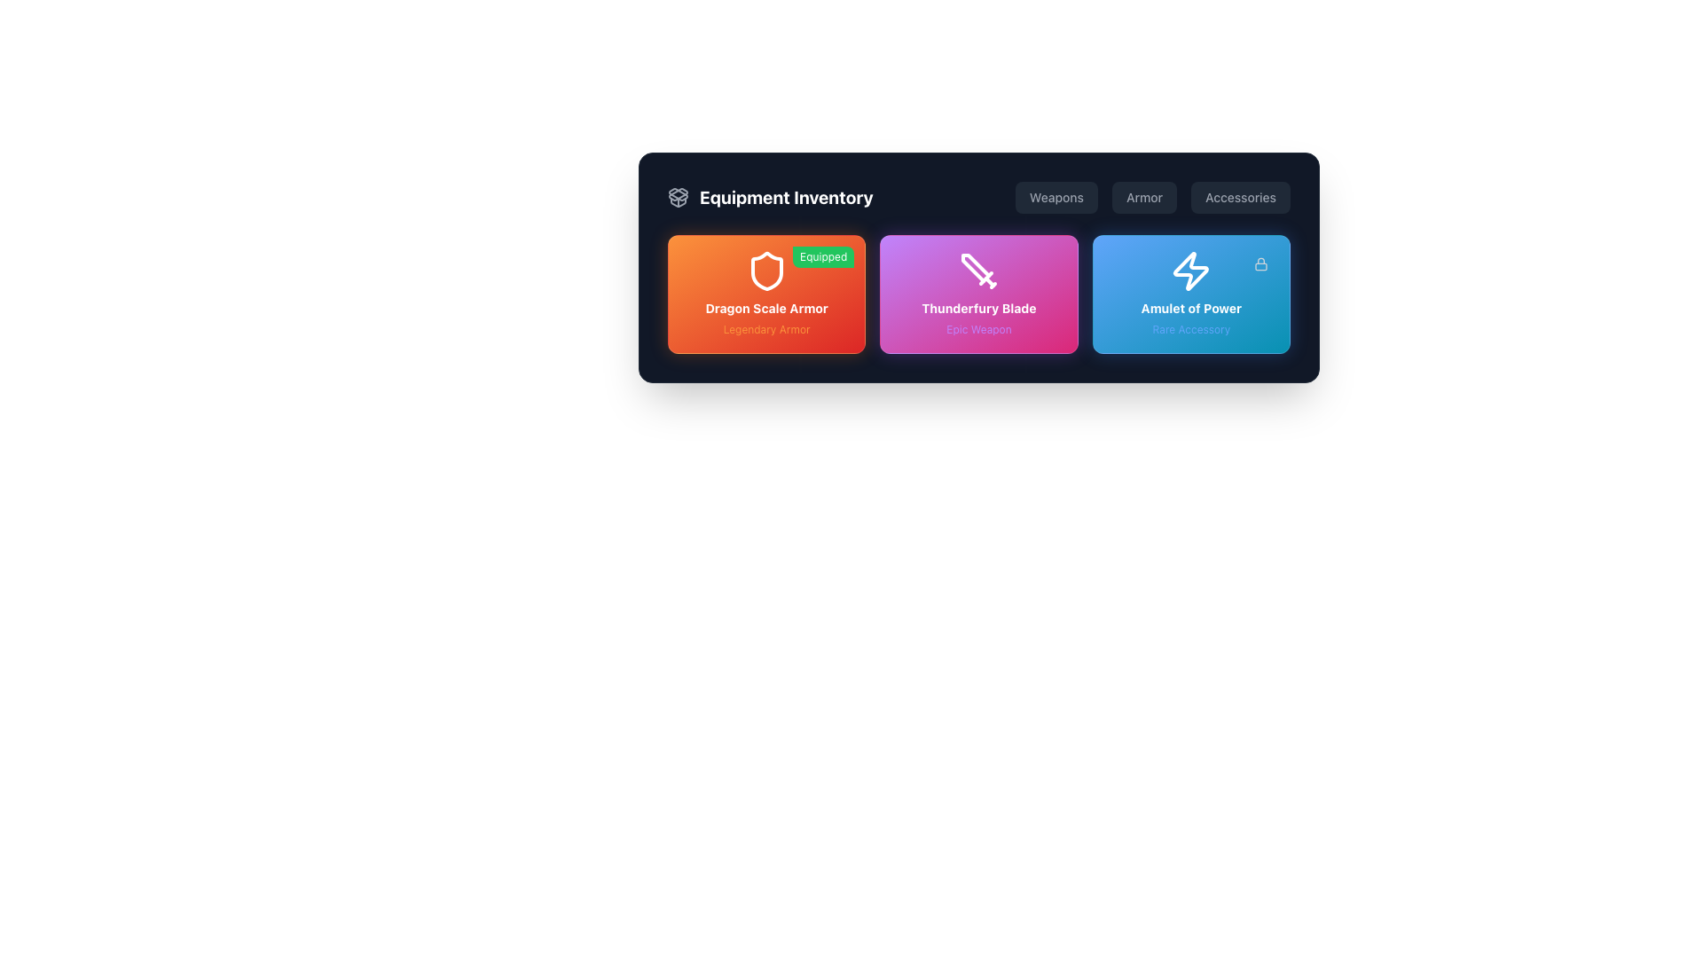 This screenshot has width=1703, height=958. Describe the element at coordinates (766, 293) in the screenshot. I see `the legendary armor information card in the Equipment Inventory, which is the first item in the grid layout` at that location.